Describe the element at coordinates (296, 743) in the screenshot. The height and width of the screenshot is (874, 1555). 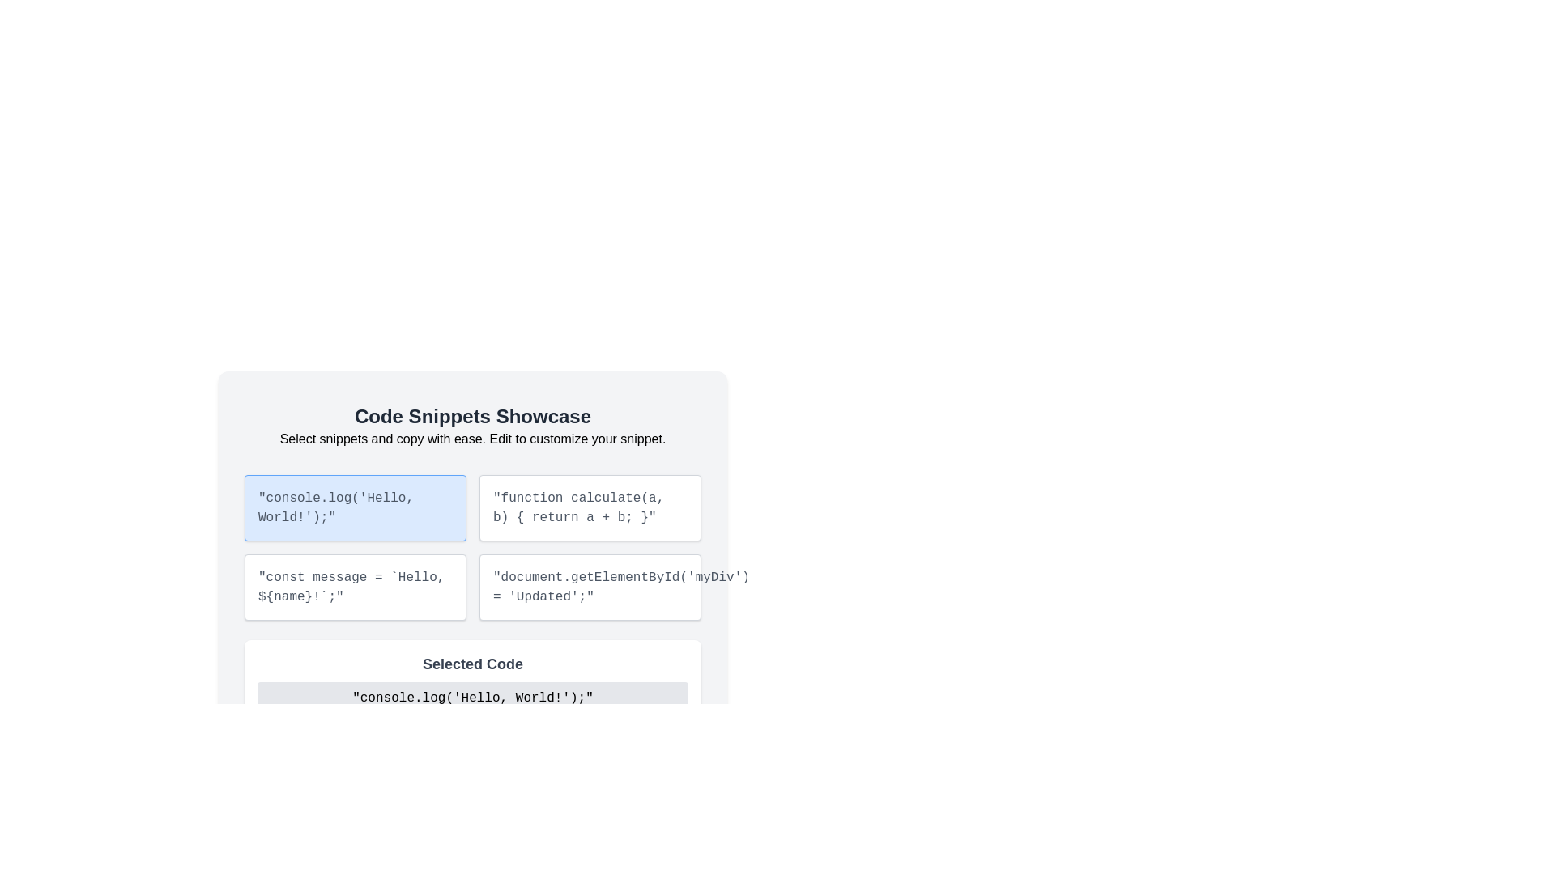
I see `the first button located at the bottom part of the interface, which is designed to copy the selected code snippet to the clipboard` at that location.